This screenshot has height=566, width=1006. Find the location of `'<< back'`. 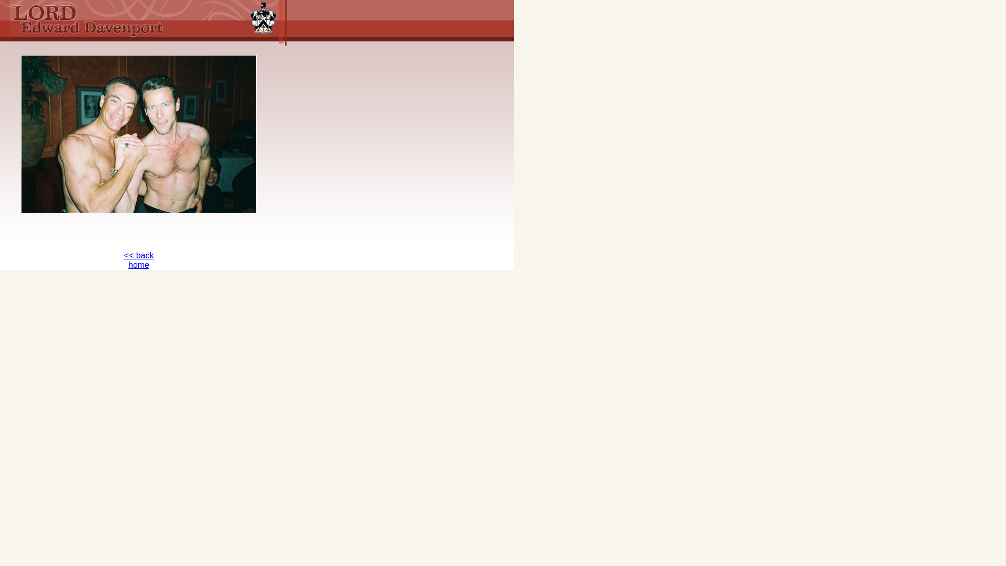

'<< back' is located at coordinates (138, 255).